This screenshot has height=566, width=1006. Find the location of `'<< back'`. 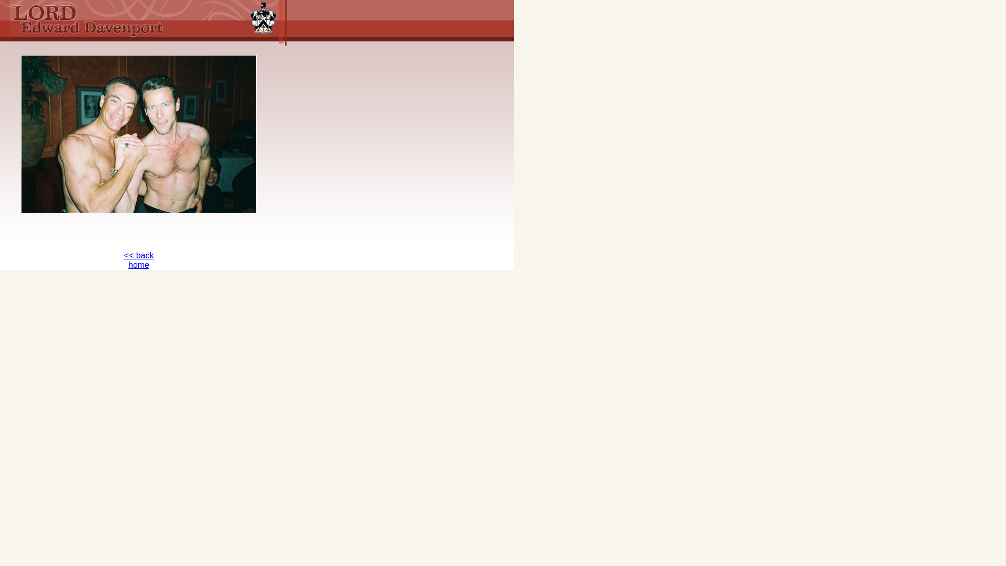

'<< back' is located at coordinates (138, 255).